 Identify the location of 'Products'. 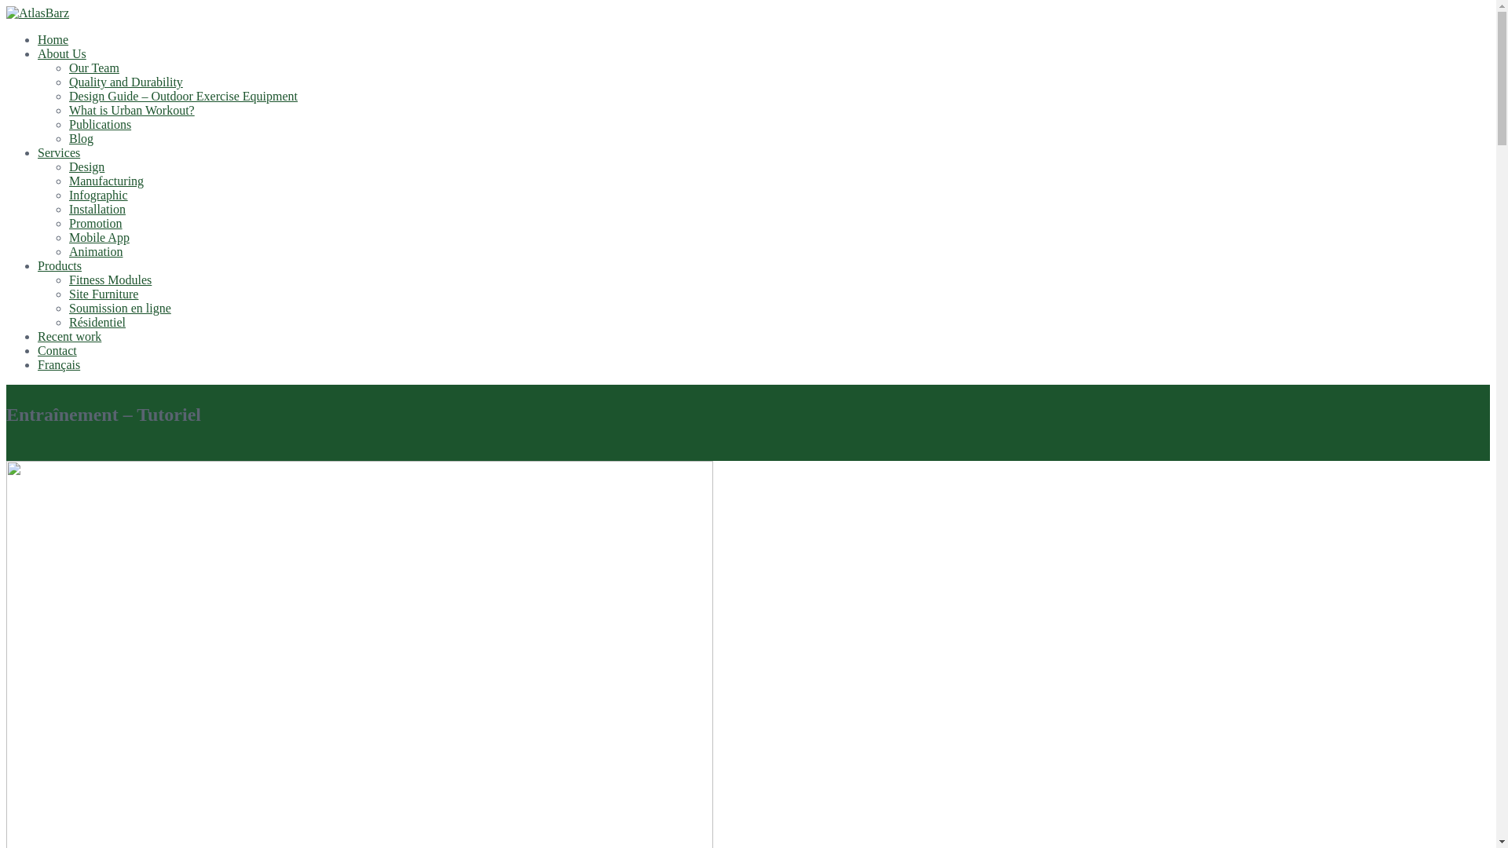
(60, 265).